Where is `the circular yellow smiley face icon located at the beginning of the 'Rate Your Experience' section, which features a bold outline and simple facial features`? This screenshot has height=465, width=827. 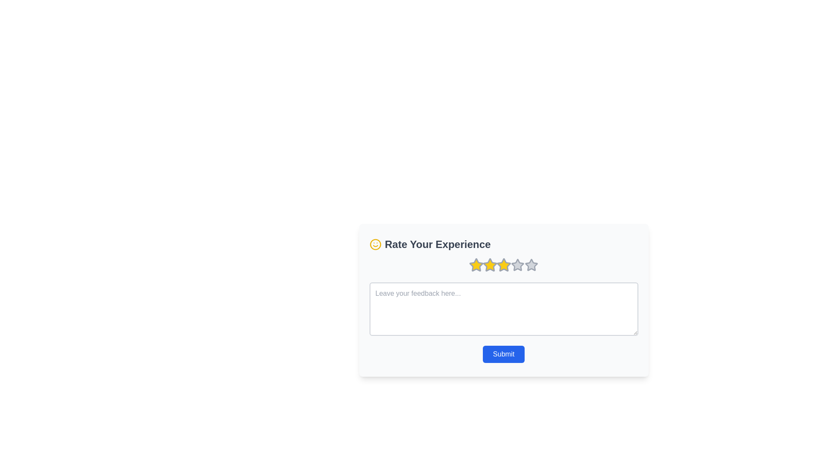 the circular yellow smiley face icon located at the beginning of the 'Rate Your Experience' section, which features a bold outline and simple facial features is located at coordinates (375, 244).